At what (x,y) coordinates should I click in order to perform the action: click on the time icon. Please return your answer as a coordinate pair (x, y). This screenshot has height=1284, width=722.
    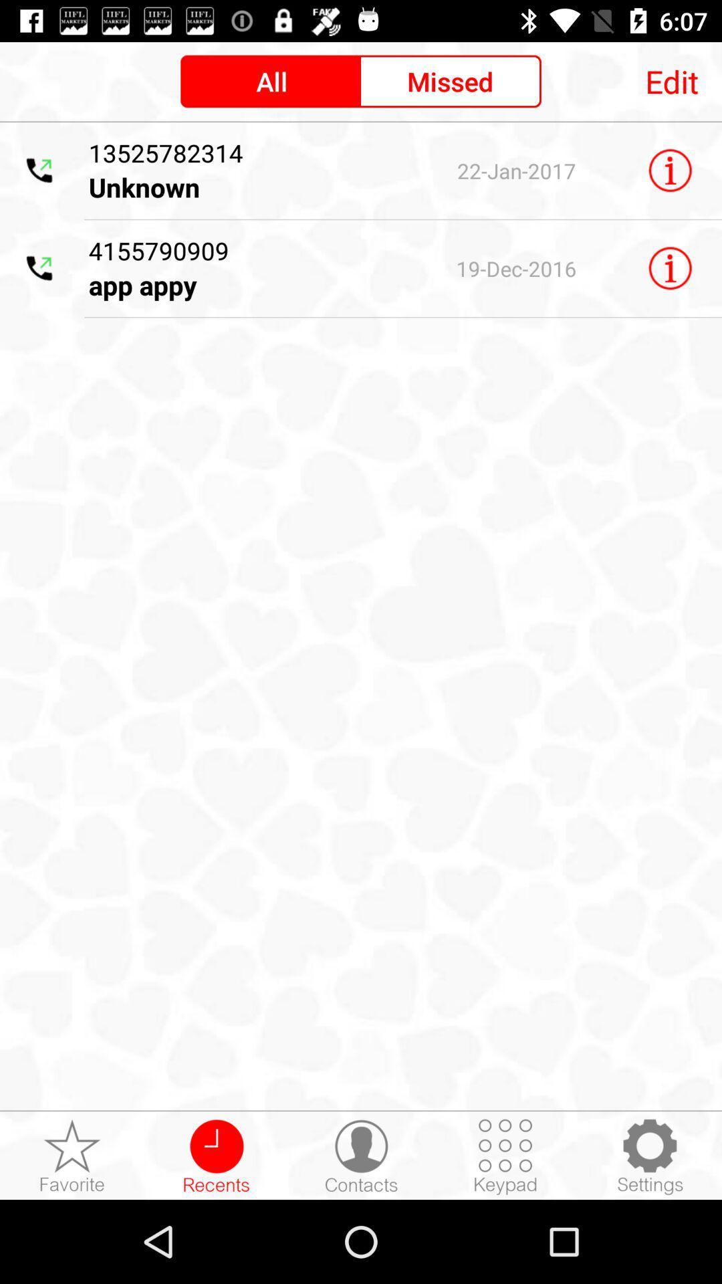
    Looking at the image, I should click on (216, 1156).